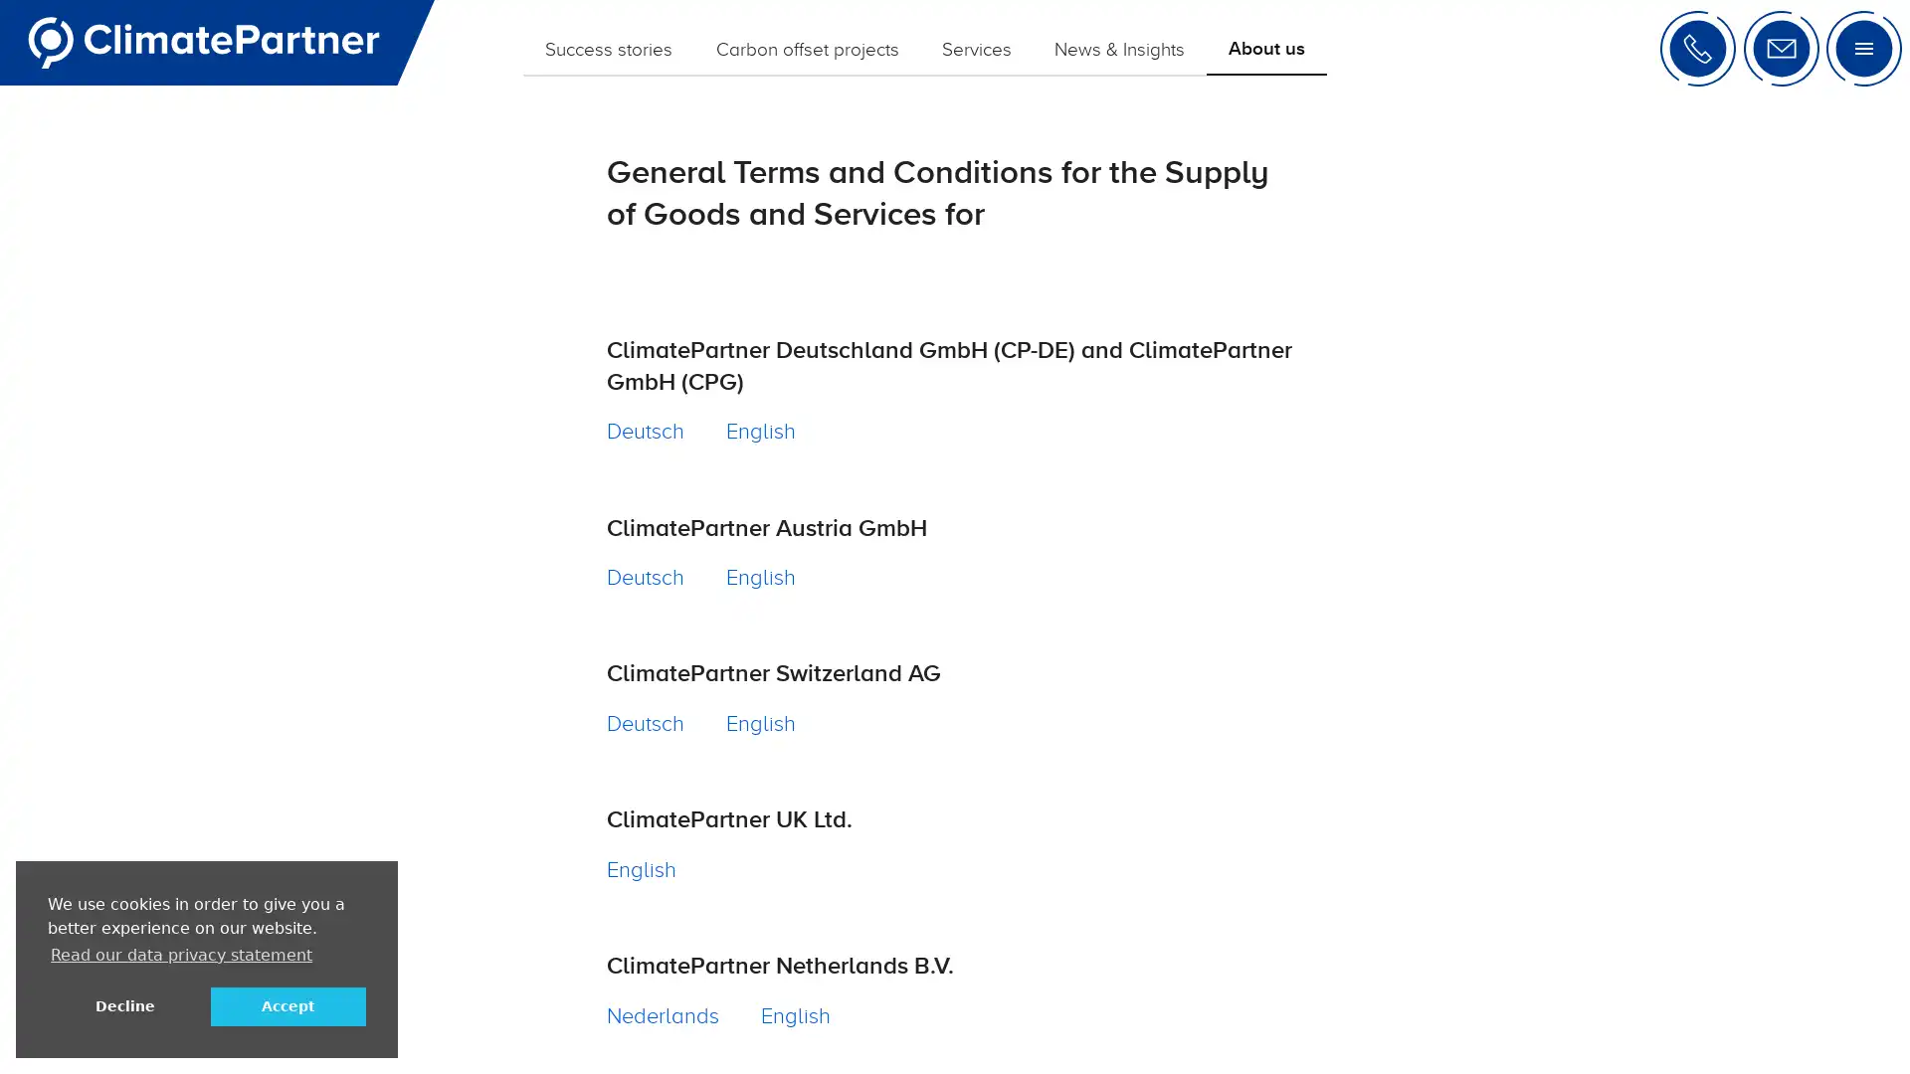 The image size is (1910, 1074). I want to click on allow cookies, so click(286, 1005).